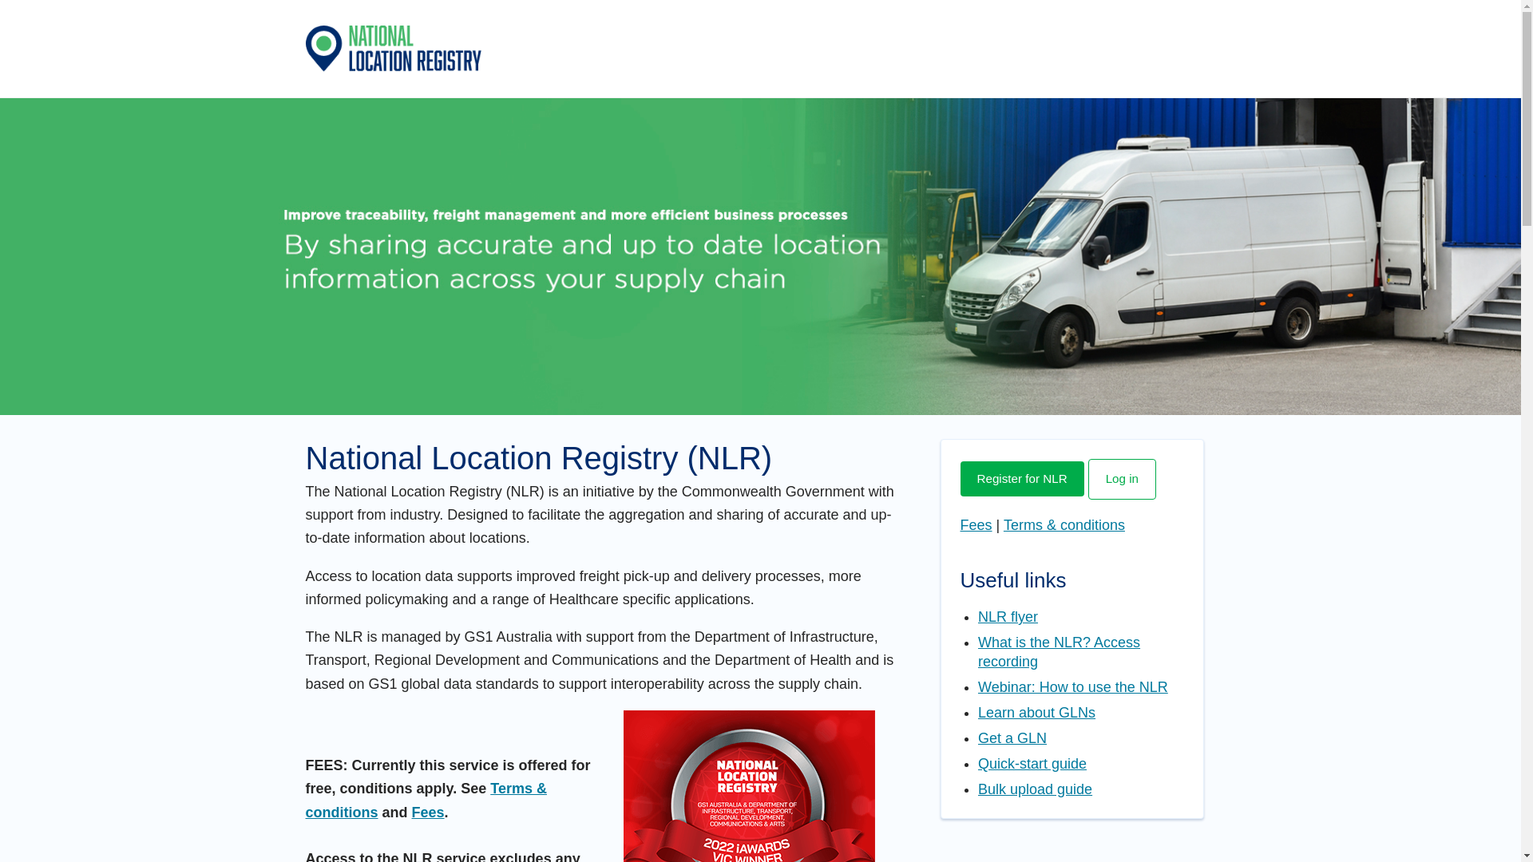 The image size is (1533, 862). What do you see at coordinates (1121, 478) in the screenshot?
I see `'Log in'` at bounding box center [1121, 478].